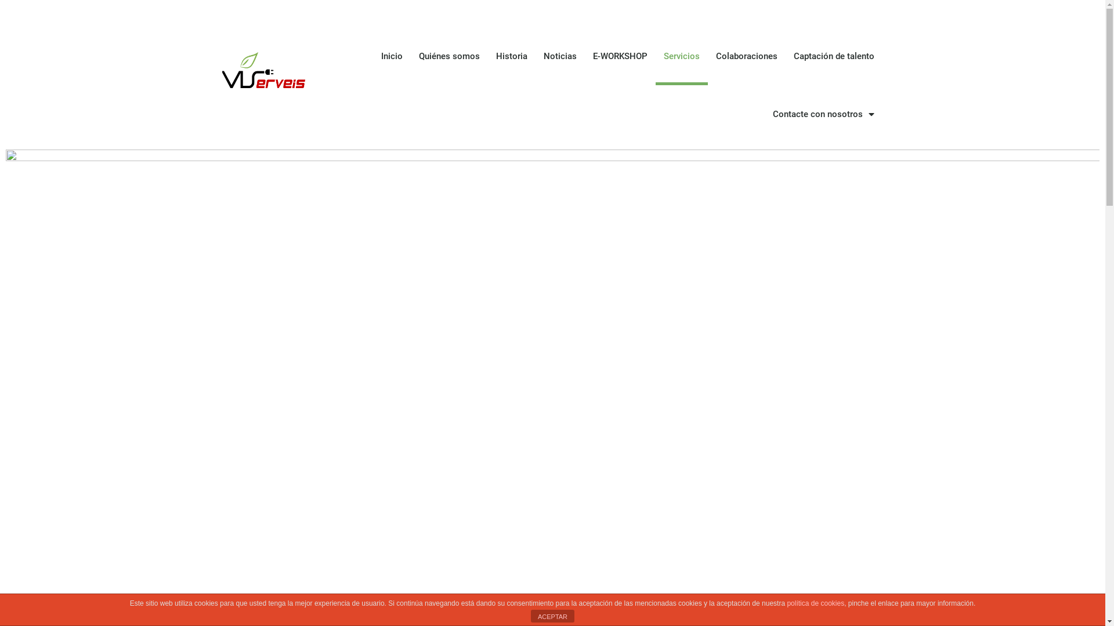  What do you see at coordinates (746, 56) in the screenshot?
I see `'Colaboraciones'` at bounding box center [746, 56].